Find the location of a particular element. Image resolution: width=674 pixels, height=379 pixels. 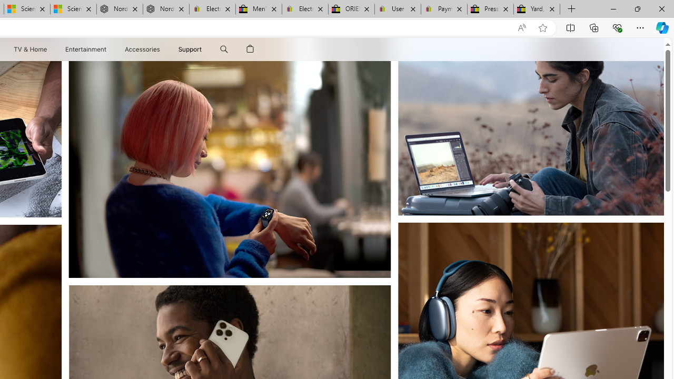

'Accessories menu' is located at coordinates (161, 49).